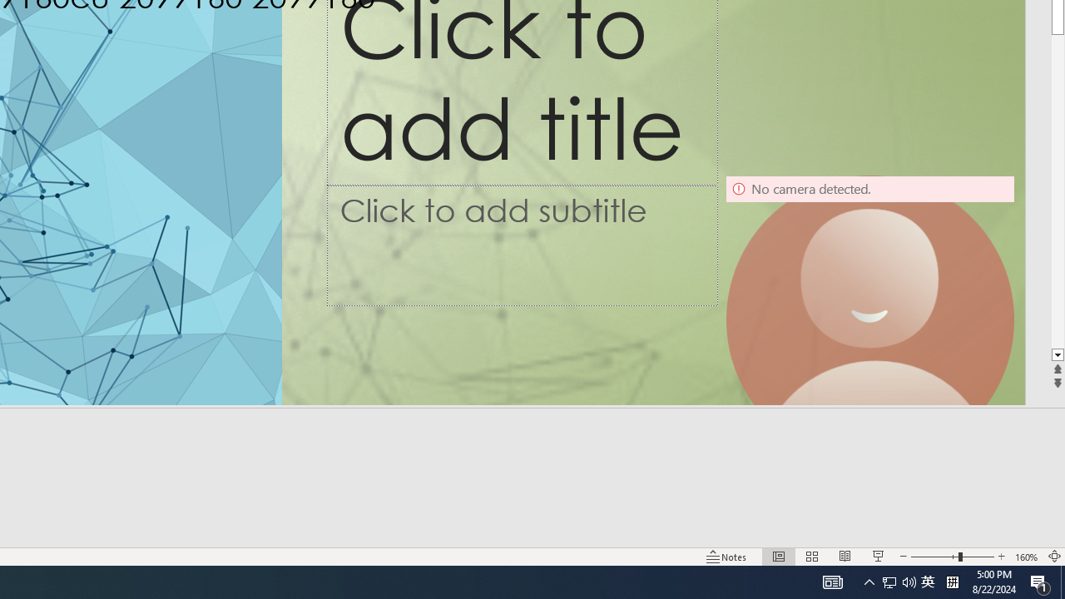 The width and height of the screenshot is (1065, 599). What do you see at coordinates (1001, 557) in the screenshot?
I see `'Zoom In'` at bounding box center [1001, 557].